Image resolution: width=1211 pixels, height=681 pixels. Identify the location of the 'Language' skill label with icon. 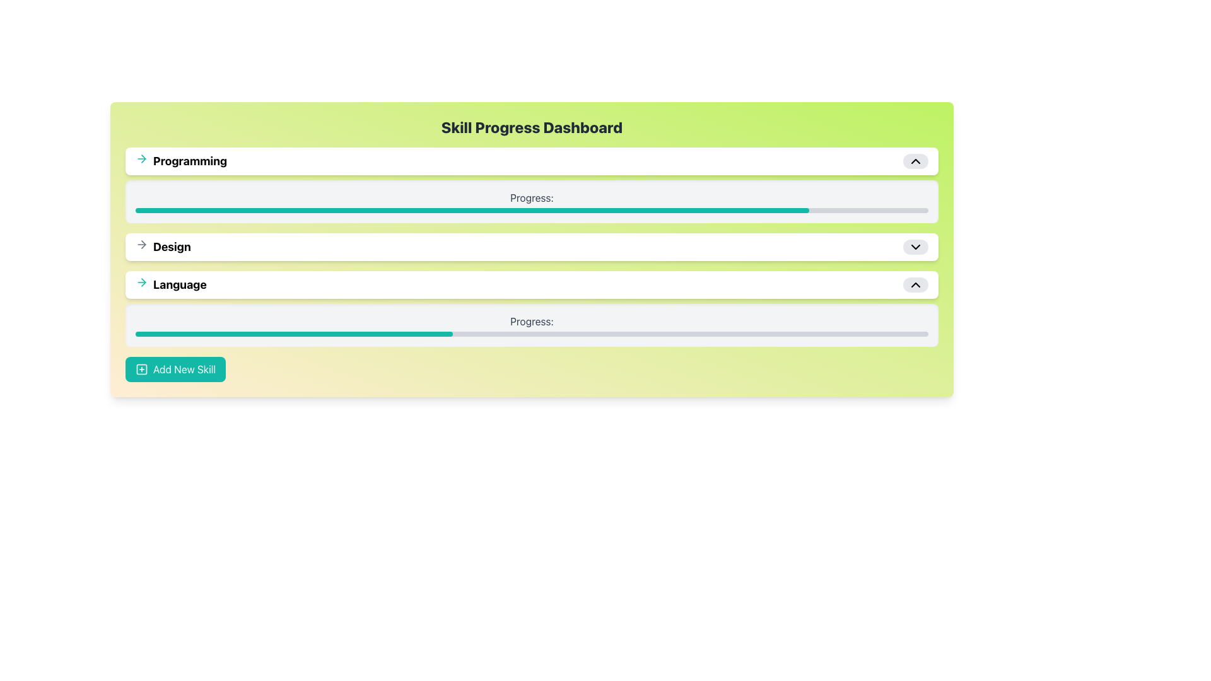
(170, 284).